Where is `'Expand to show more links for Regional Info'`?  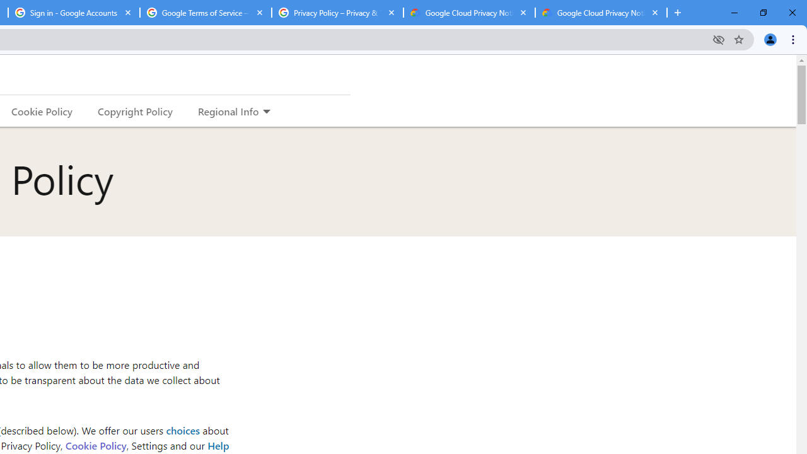 'Expand to show more links for Regional Info' is located at coordinates (265, 112).